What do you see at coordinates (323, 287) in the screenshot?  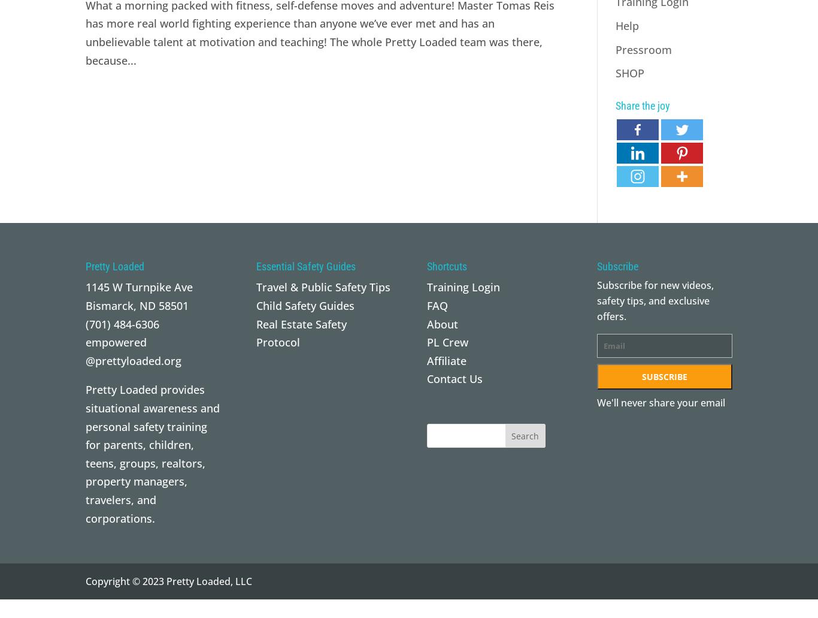 I see `'Travel & Public Safety Tips'` at bounding box center [323, 287].